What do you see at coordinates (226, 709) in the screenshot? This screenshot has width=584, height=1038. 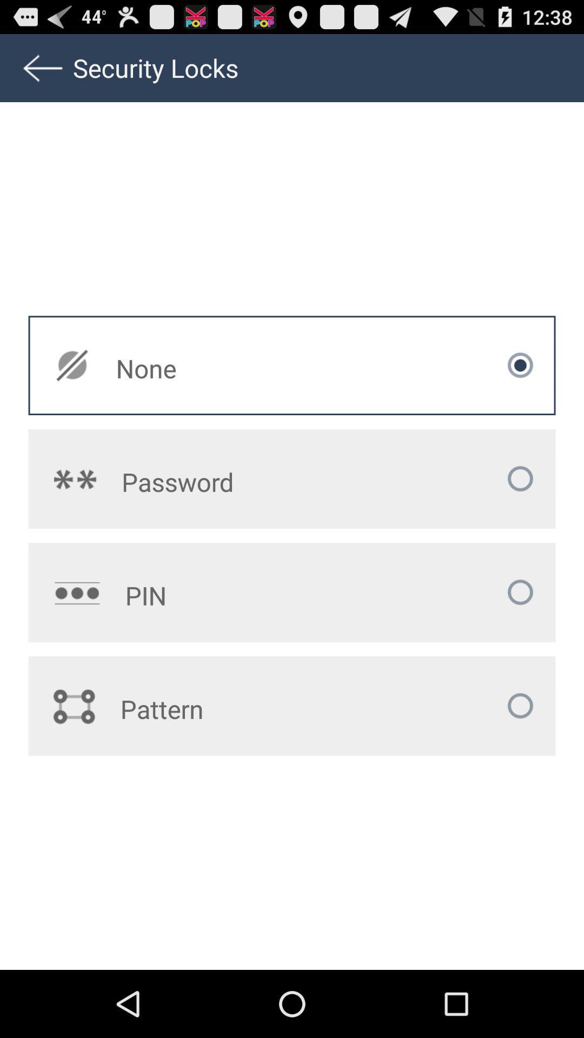 I see `app below the pin app` at bounding box center [226, 709].